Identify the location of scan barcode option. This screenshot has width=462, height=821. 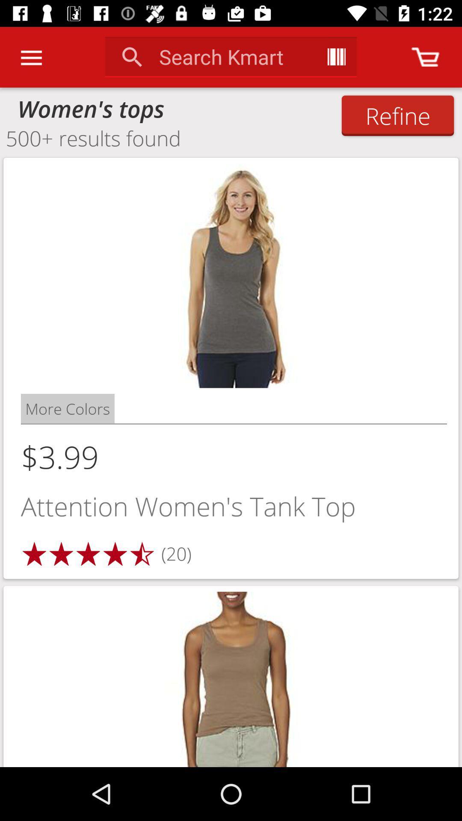
(336, 56).